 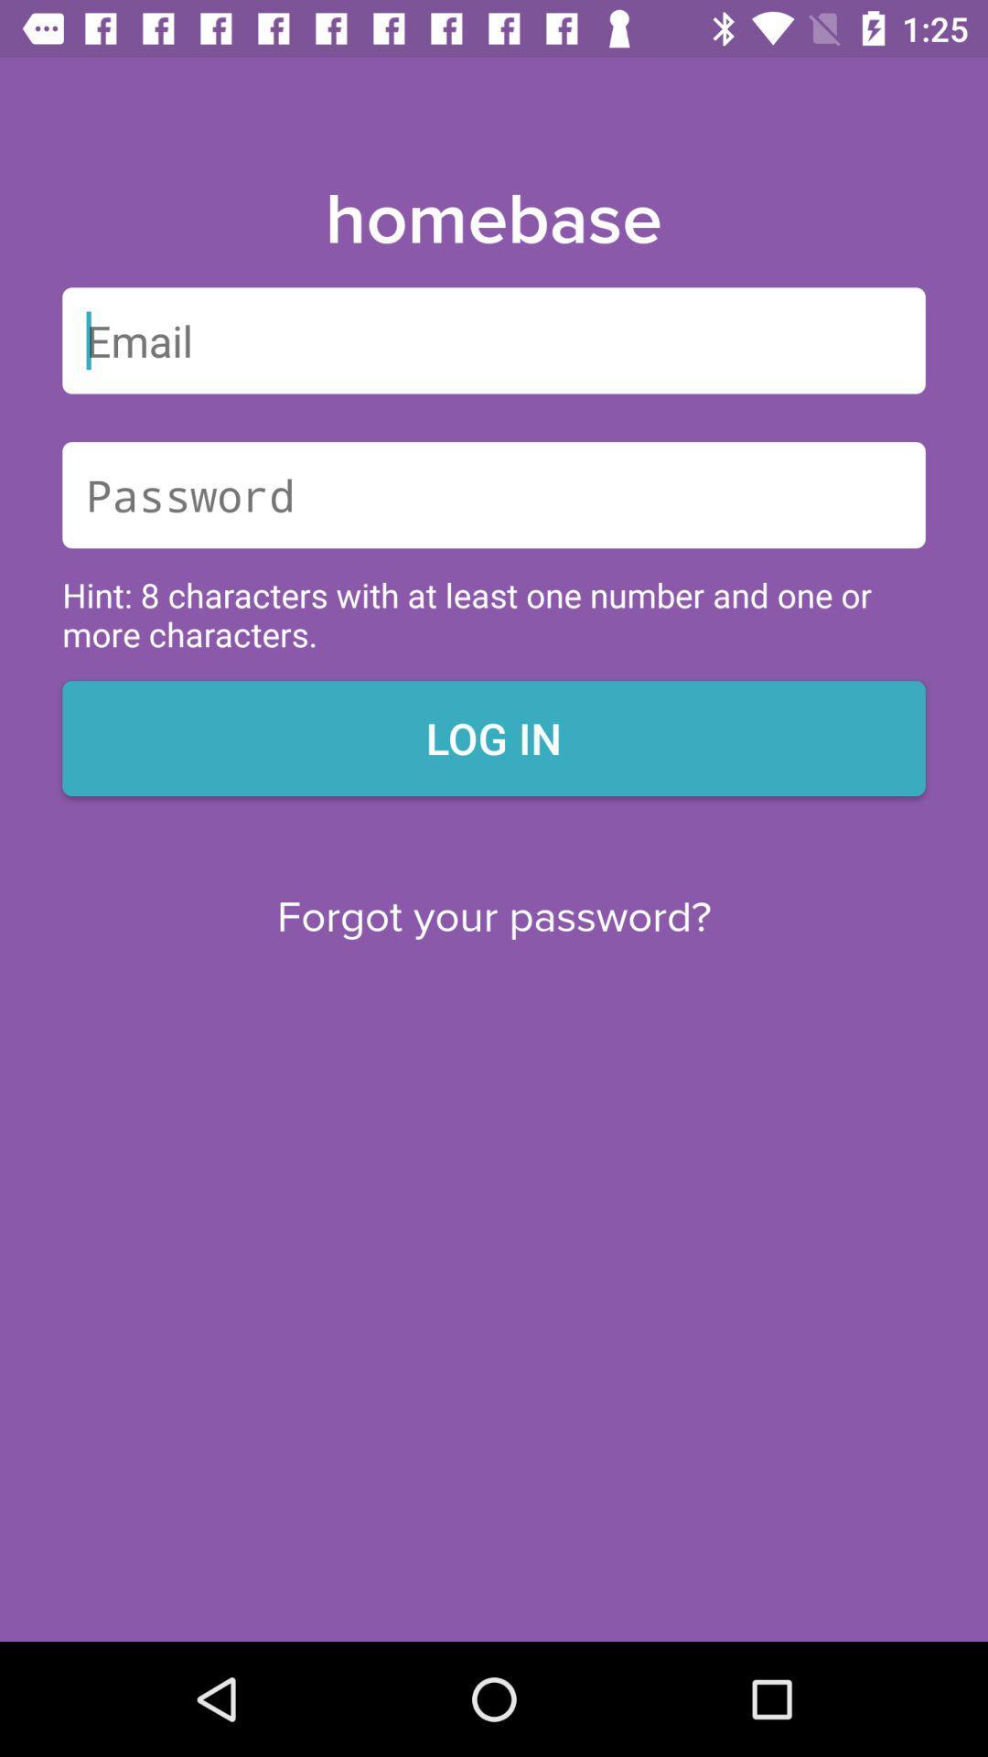 What do you see at coordinates (494, 340) in the screenshot?
I see `opens a field to type an e-mail address` at bounding box center [494, 340].